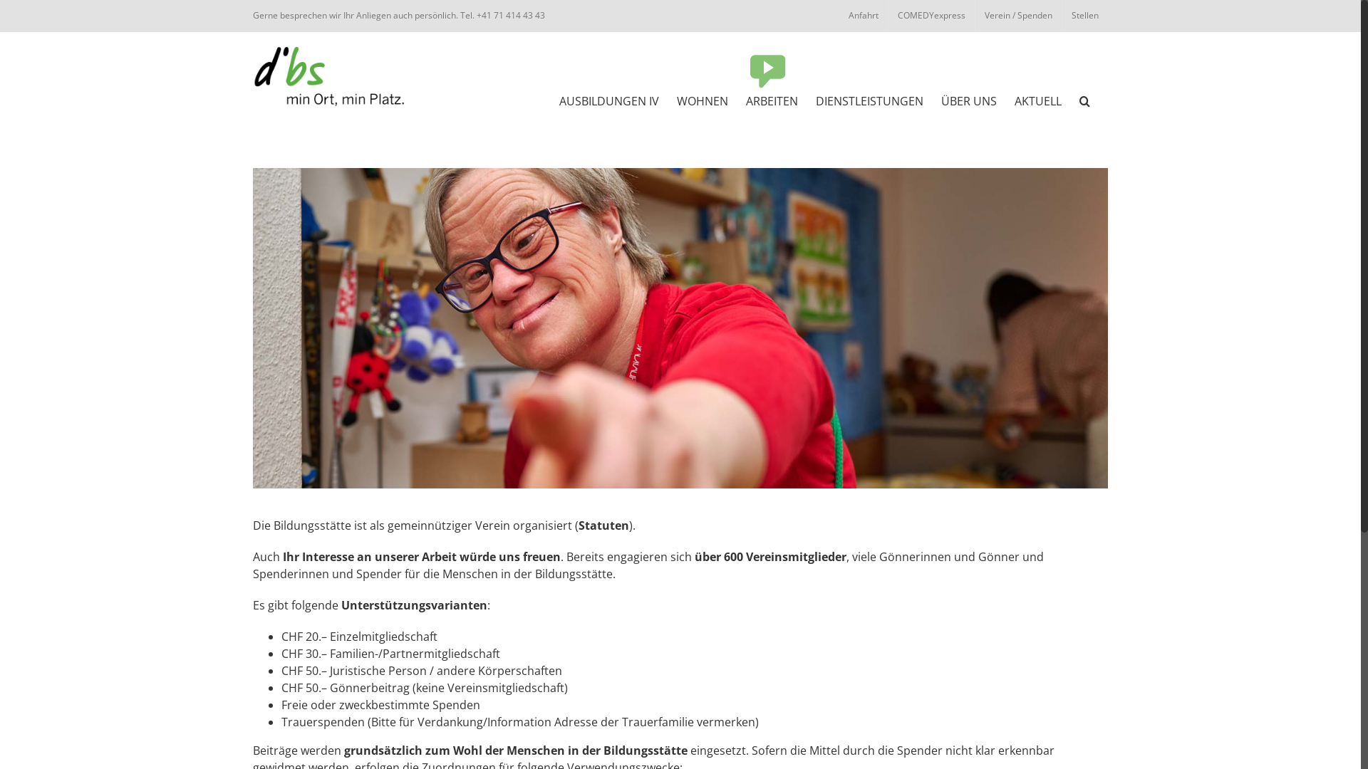  I want to click on 'ARBEITEN', so click(771, 98).